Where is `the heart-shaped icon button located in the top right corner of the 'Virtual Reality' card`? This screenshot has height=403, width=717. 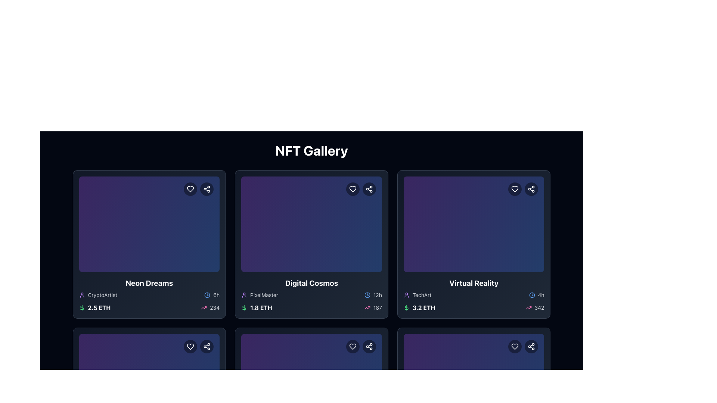
the heart-shaped icon button located in the top right corner of the 'Virtual Reality' card is located at coordinates (515, 347).